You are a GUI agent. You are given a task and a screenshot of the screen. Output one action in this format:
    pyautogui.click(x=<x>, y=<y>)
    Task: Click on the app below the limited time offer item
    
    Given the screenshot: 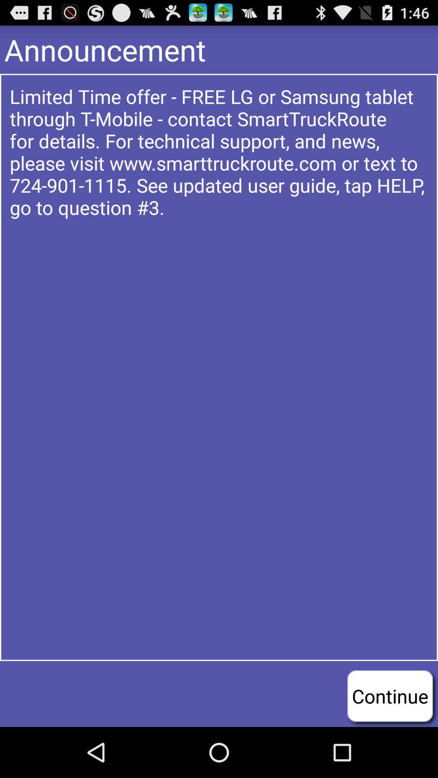 What is the action you would take?
    pyautogui.click(x=389, y=695)
    